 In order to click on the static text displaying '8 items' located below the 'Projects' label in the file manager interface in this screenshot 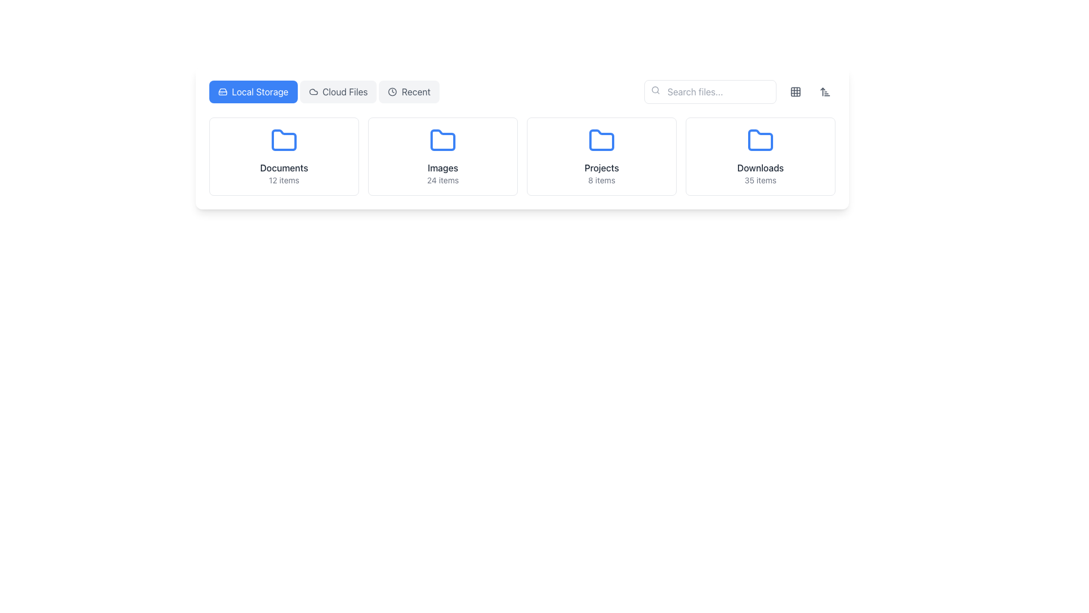, I will do `click(601, 179)`.